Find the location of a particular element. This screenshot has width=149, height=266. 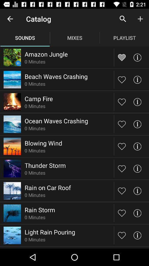

like sound is located at coordinates (122, 168).